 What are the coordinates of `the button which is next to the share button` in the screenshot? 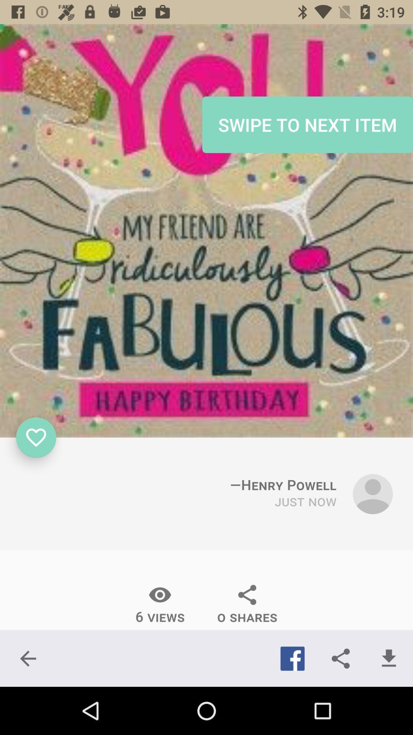 It's located at (389, 658).